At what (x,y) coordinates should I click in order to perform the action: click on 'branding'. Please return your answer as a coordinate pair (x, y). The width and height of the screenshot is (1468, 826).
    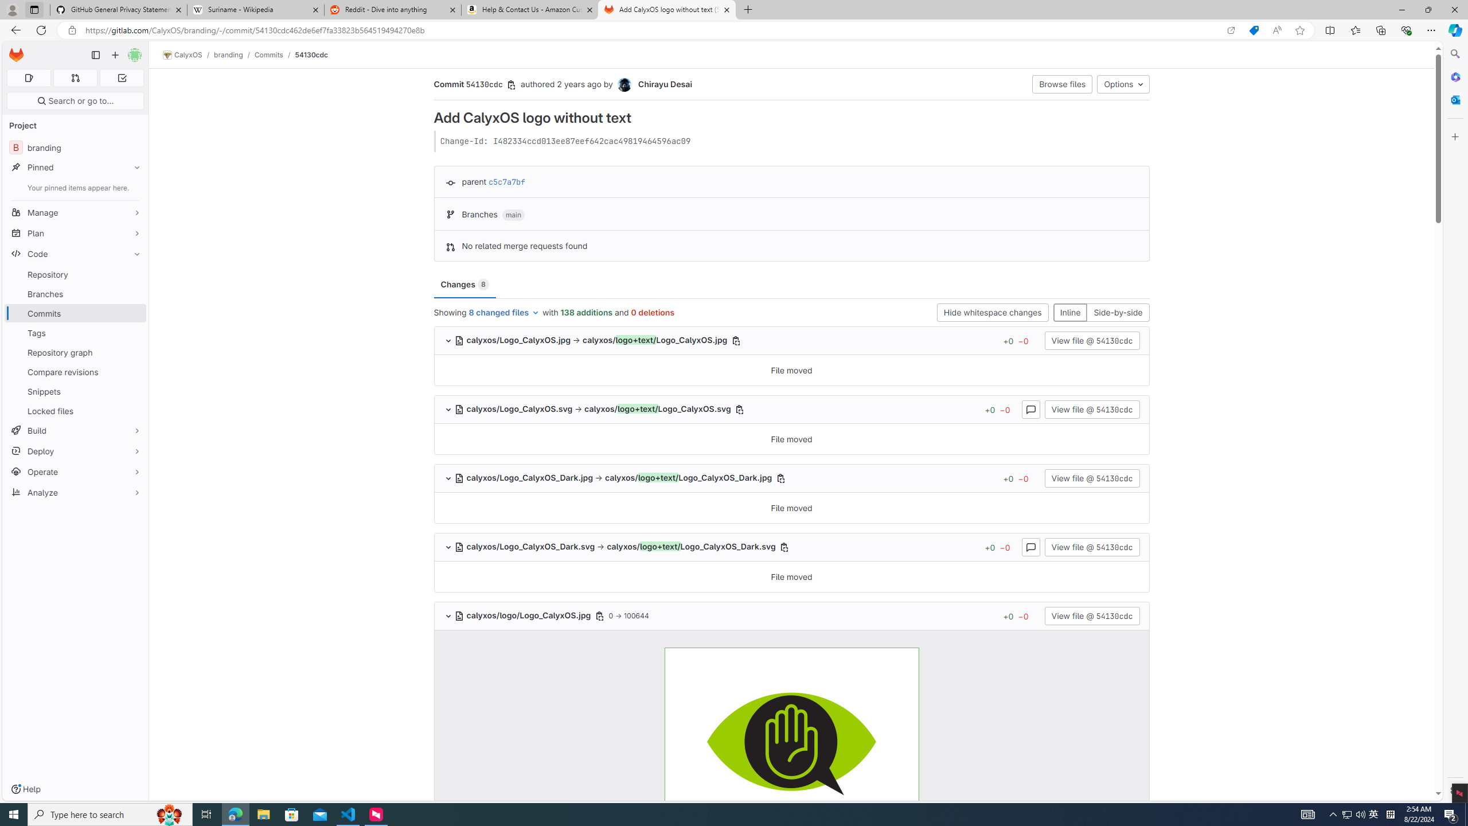
    Looking at the image, I should click on (229, 54).